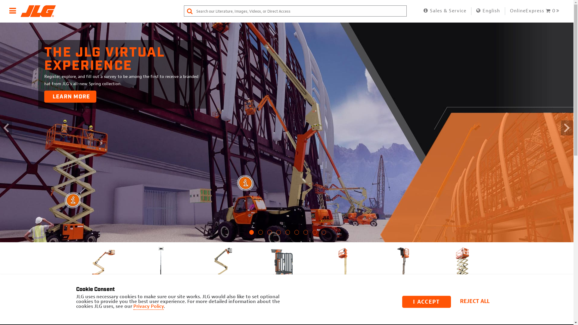 The image size is (578, 325). What do you see at coordinates (510, 11) in the screenshot?
I see `'OnlineExpress 0'` at bounding box center [510, 11].